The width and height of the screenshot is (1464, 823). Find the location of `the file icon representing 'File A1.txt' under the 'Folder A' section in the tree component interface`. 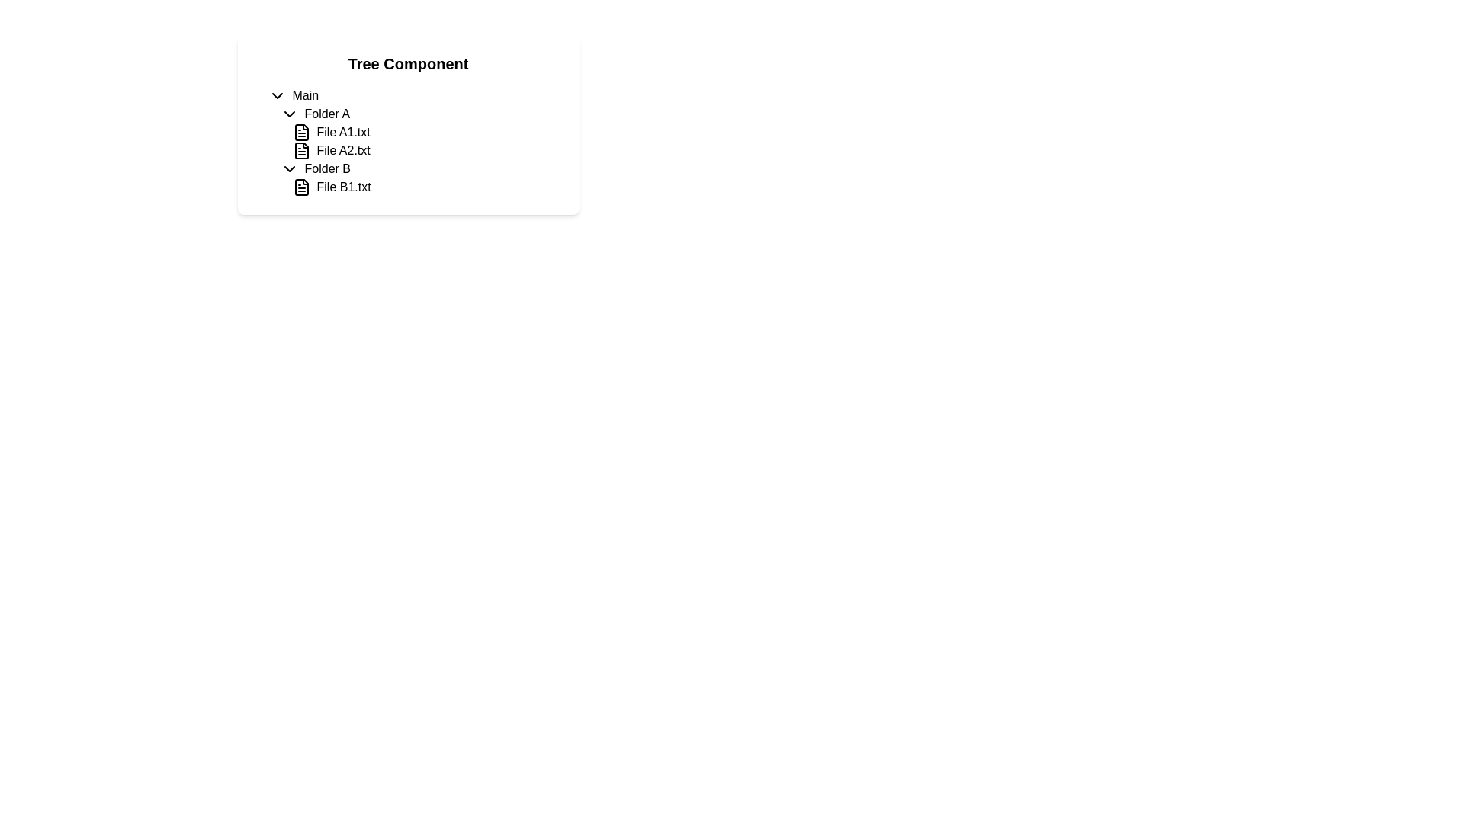

the file icon representing 'File A1.txt' under the 'Folder A' section in the tree component interface is located at coordinates (301, 131).